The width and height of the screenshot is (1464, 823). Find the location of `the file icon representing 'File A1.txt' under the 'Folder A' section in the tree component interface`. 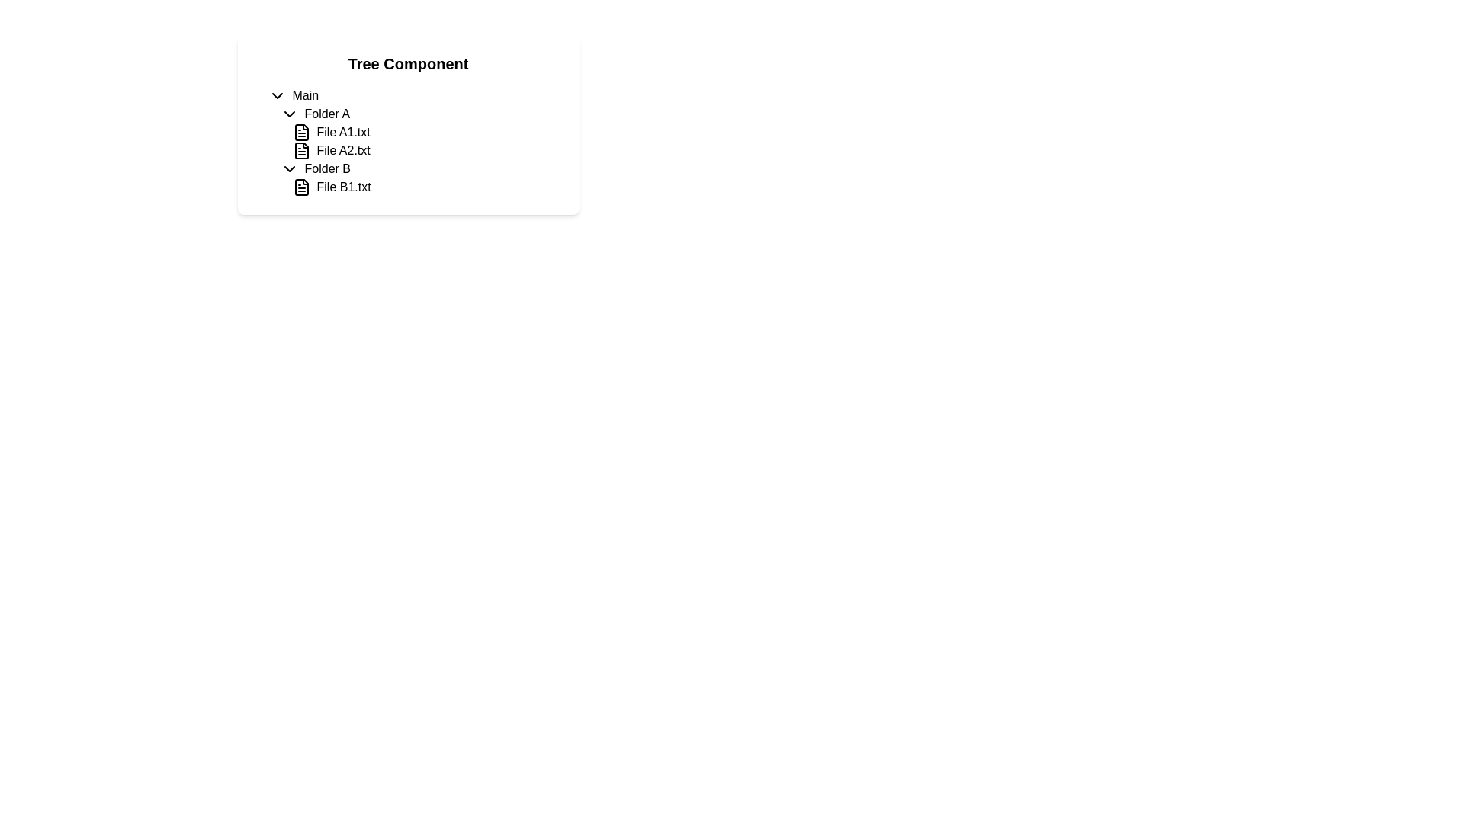

the file icon representing 'File A1.txt' under the 'Folder A' section in the tree component interface is located at coordinates (301, 131).